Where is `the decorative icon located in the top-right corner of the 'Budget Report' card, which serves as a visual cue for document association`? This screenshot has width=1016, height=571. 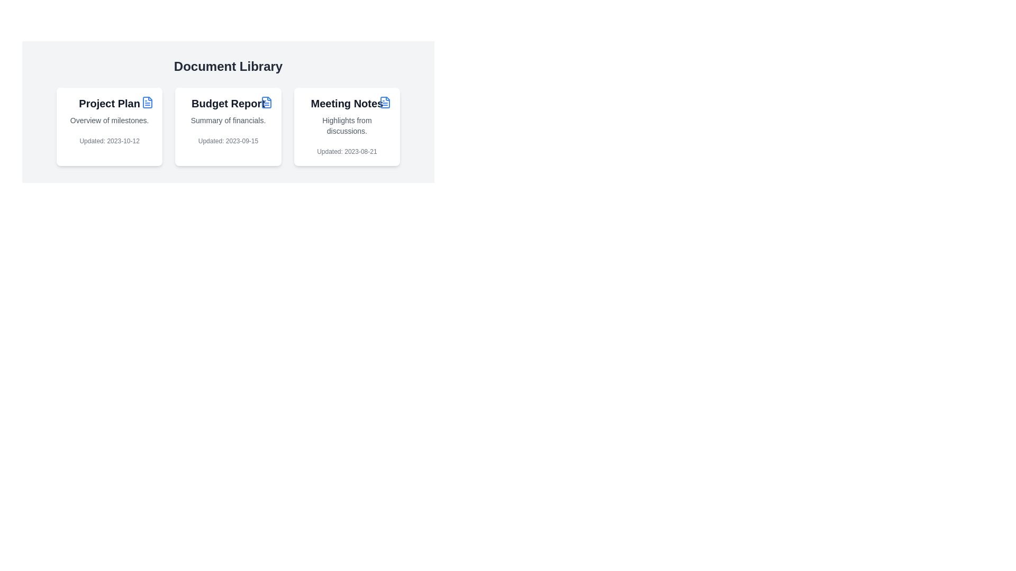 the decorative icon located in the top-right corner of the 'Budget Report' card, which serves as a visual cue for document association is located at coordinates (266, 102).